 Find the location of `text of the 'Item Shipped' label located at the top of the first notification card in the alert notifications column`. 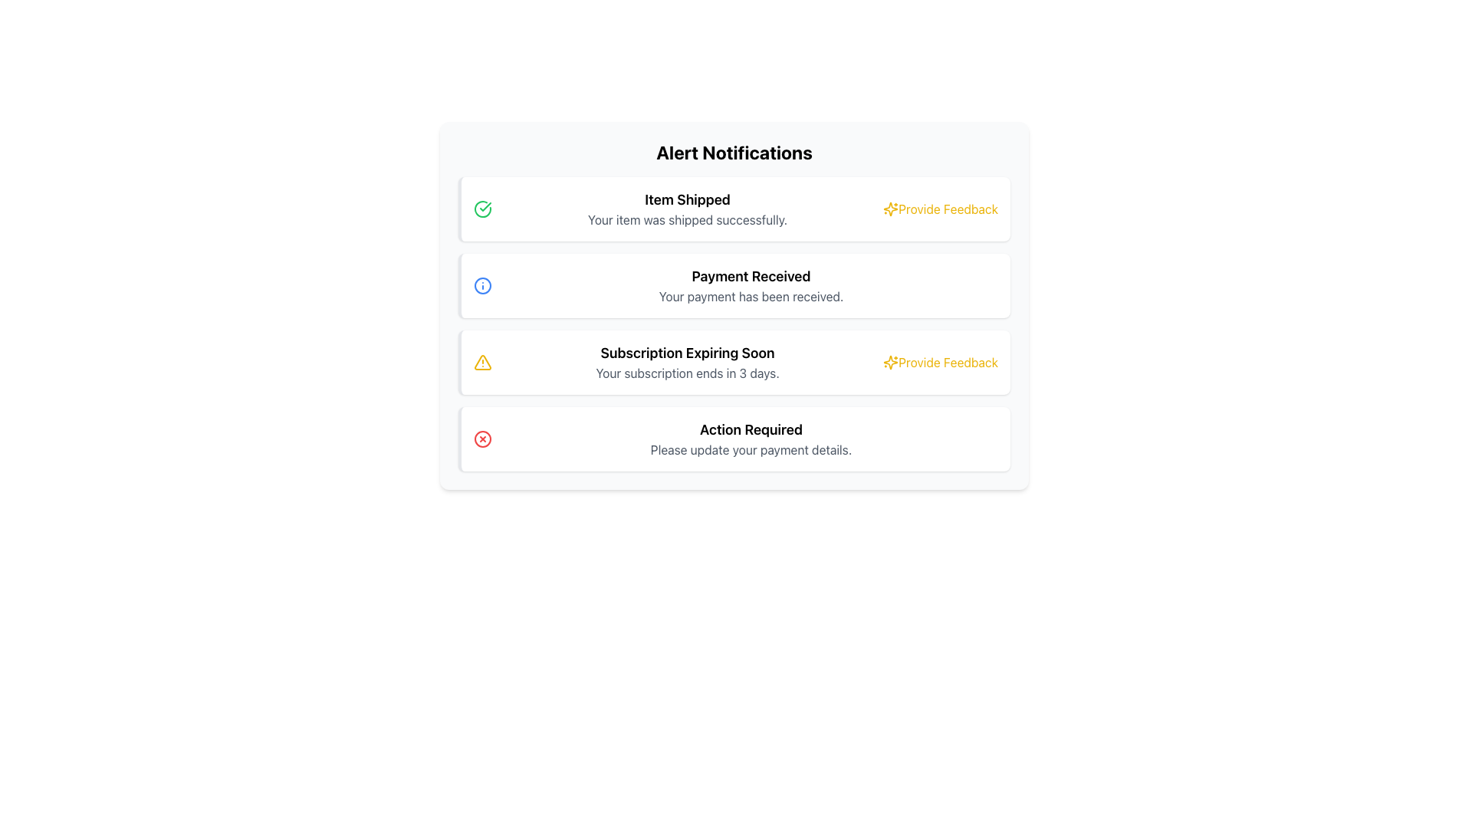

text of the 'Item Shipped' label located at the top of the first notification card in the alert notifications column is located at coordinates (687, 199).